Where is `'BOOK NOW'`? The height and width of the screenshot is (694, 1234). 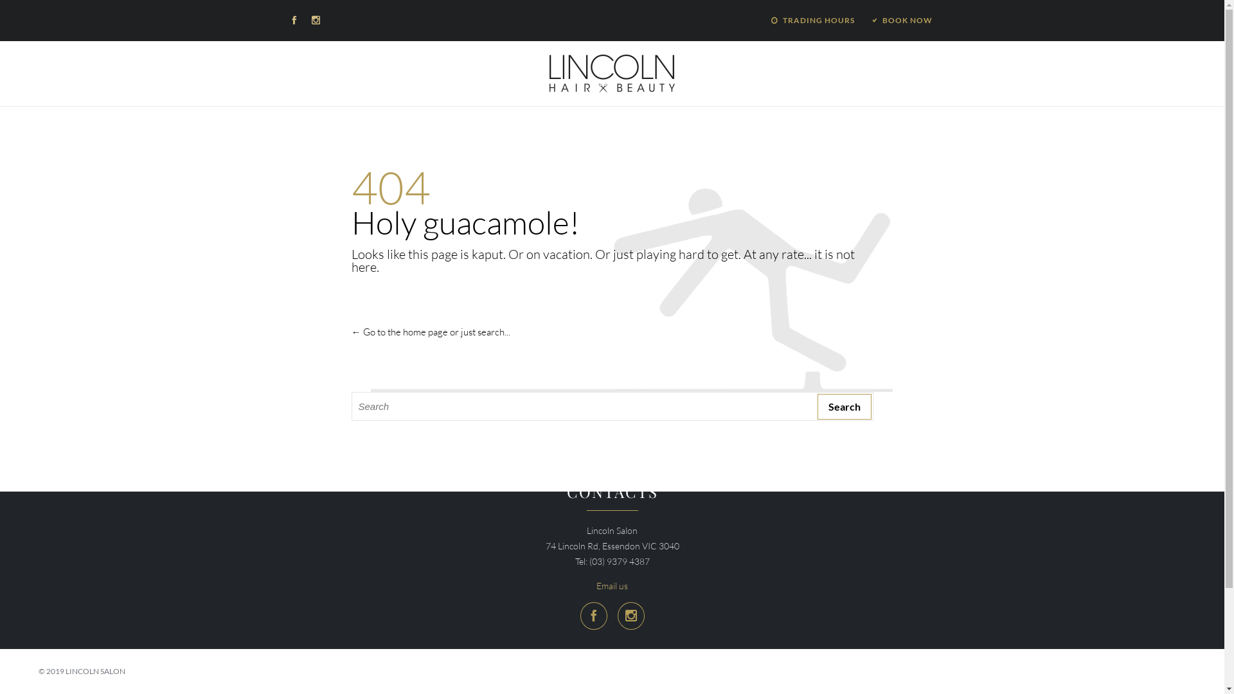
'BOOK NOW' is located at coordinates (900, 20).